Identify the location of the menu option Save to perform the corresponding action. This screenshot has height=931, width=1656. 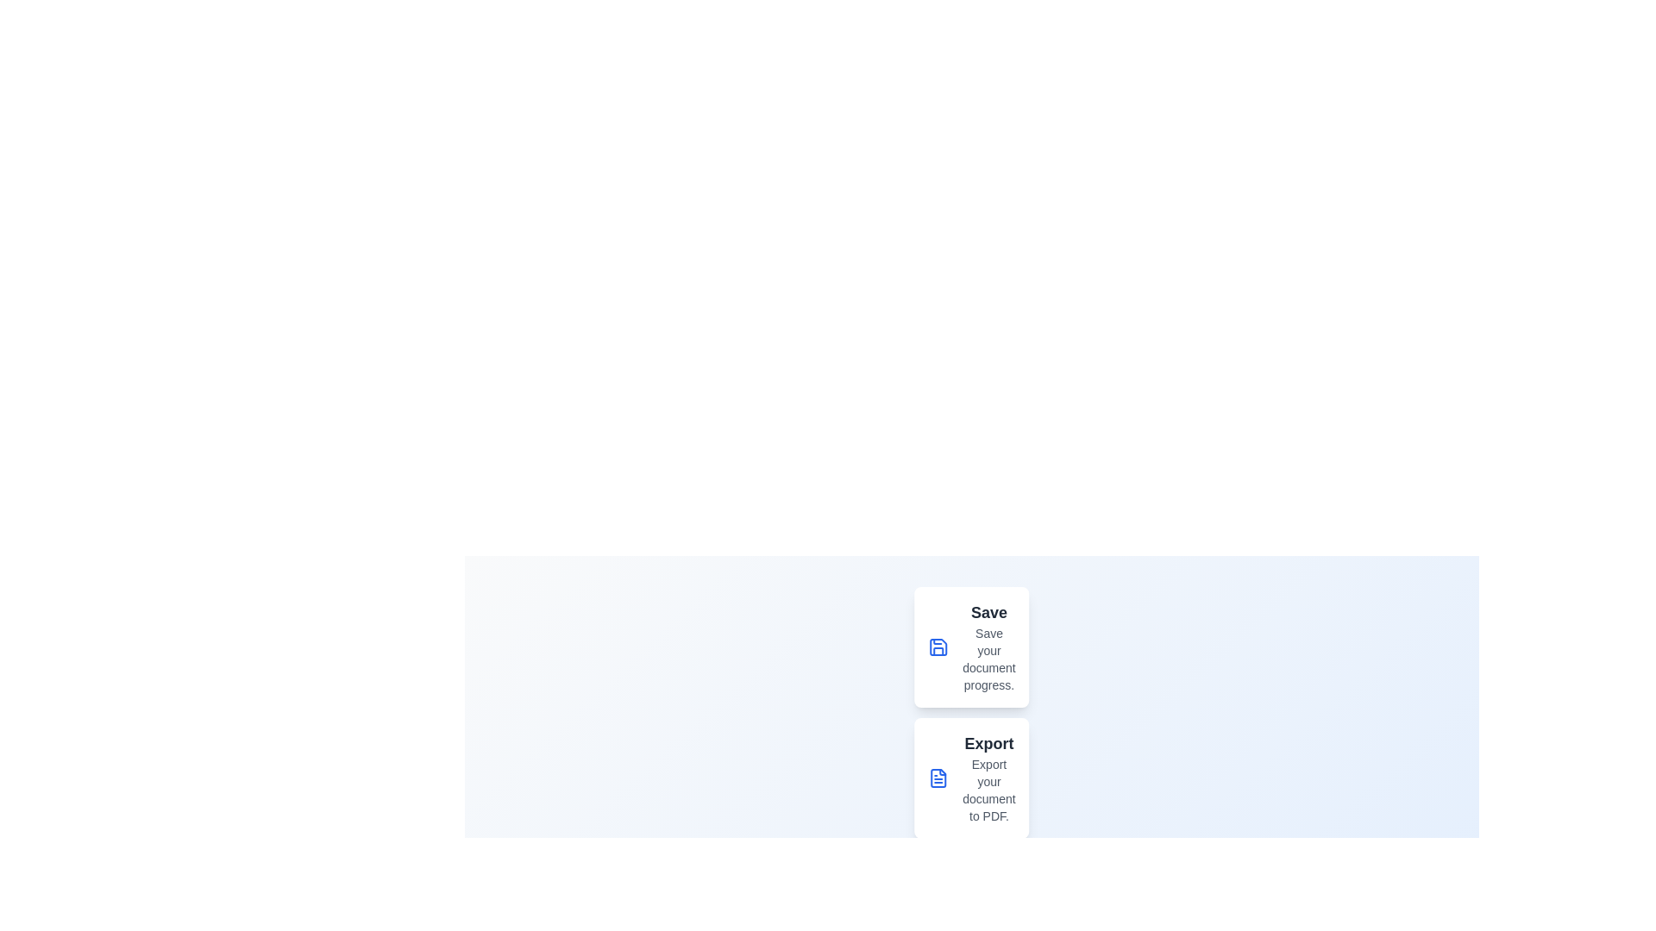
(938, 647).